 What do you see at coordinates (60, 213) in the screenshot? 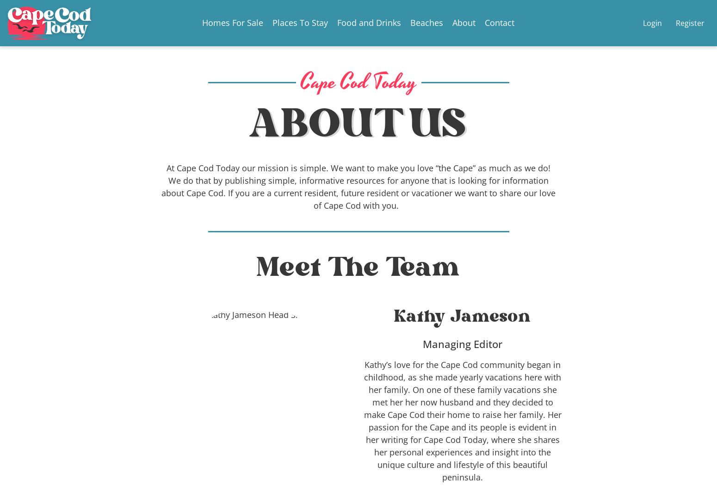
I see `'15 Best Restaurants In Provincetown Massachusetts'` at bounding box center [60, 213].